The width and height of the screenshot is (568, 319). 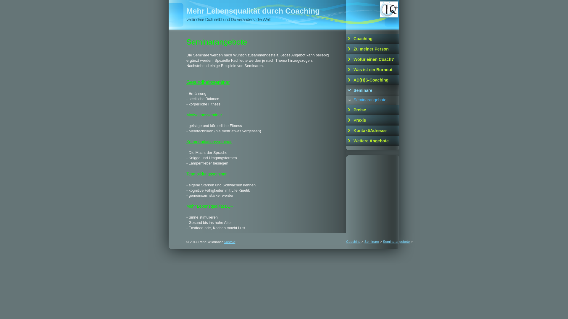 I want to click on 'Coaching', so click(x=353, y=241).